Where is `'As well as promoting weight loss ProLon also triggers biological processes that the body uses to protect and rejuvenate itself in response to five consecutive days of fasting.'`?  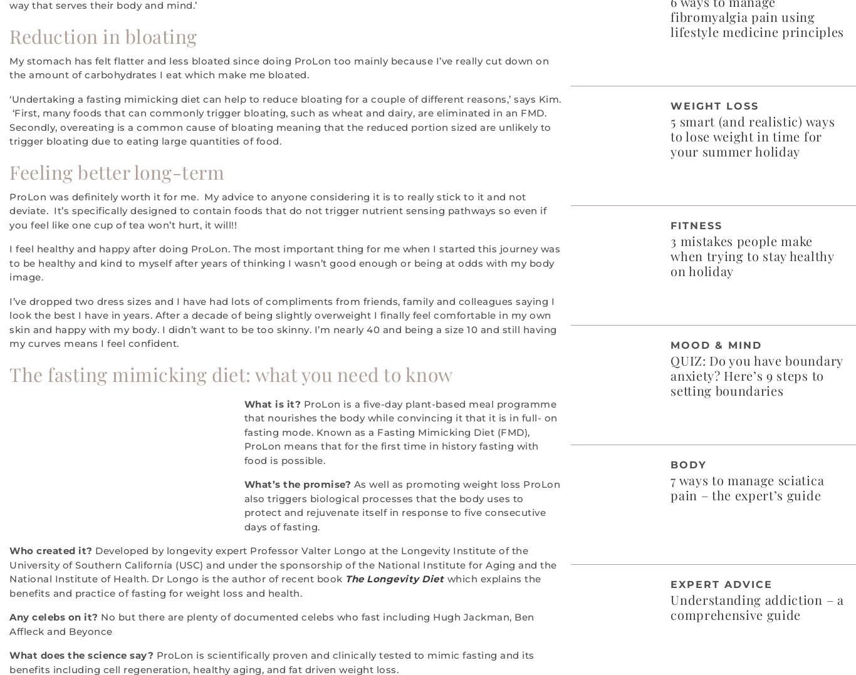 'As well as promoting weight loss ProLon also triggers biological processes that the body uses to protect and rejuvenate itself in response to five consecutive days of fasting.' is located at coordinates (401, 504).